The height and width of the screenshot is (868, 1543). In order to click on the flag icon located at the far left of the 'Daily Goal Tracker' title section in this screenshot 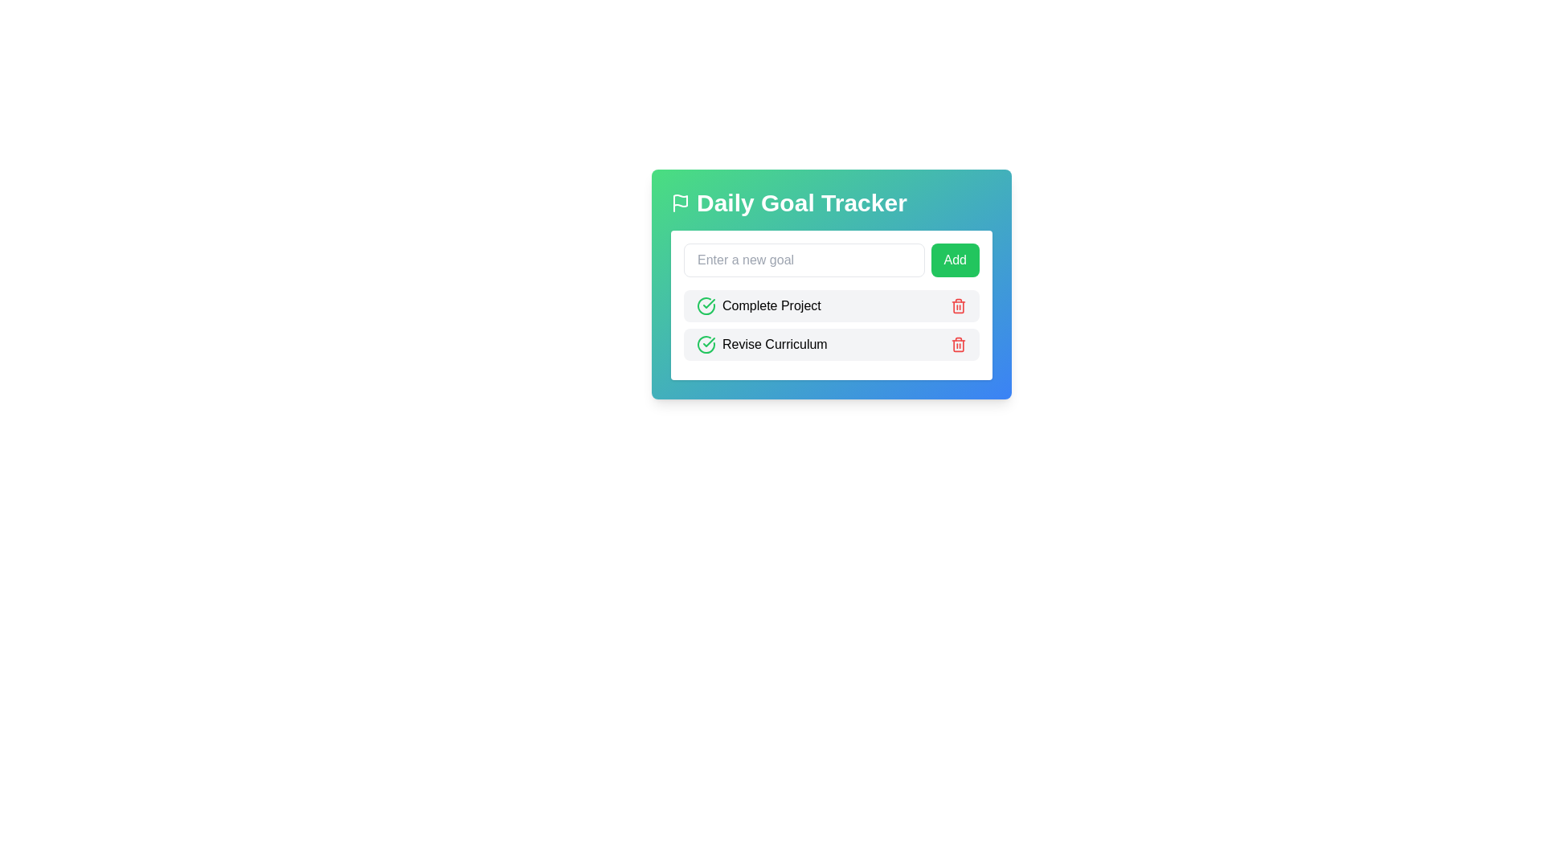, I will do `click(680, 203)`.